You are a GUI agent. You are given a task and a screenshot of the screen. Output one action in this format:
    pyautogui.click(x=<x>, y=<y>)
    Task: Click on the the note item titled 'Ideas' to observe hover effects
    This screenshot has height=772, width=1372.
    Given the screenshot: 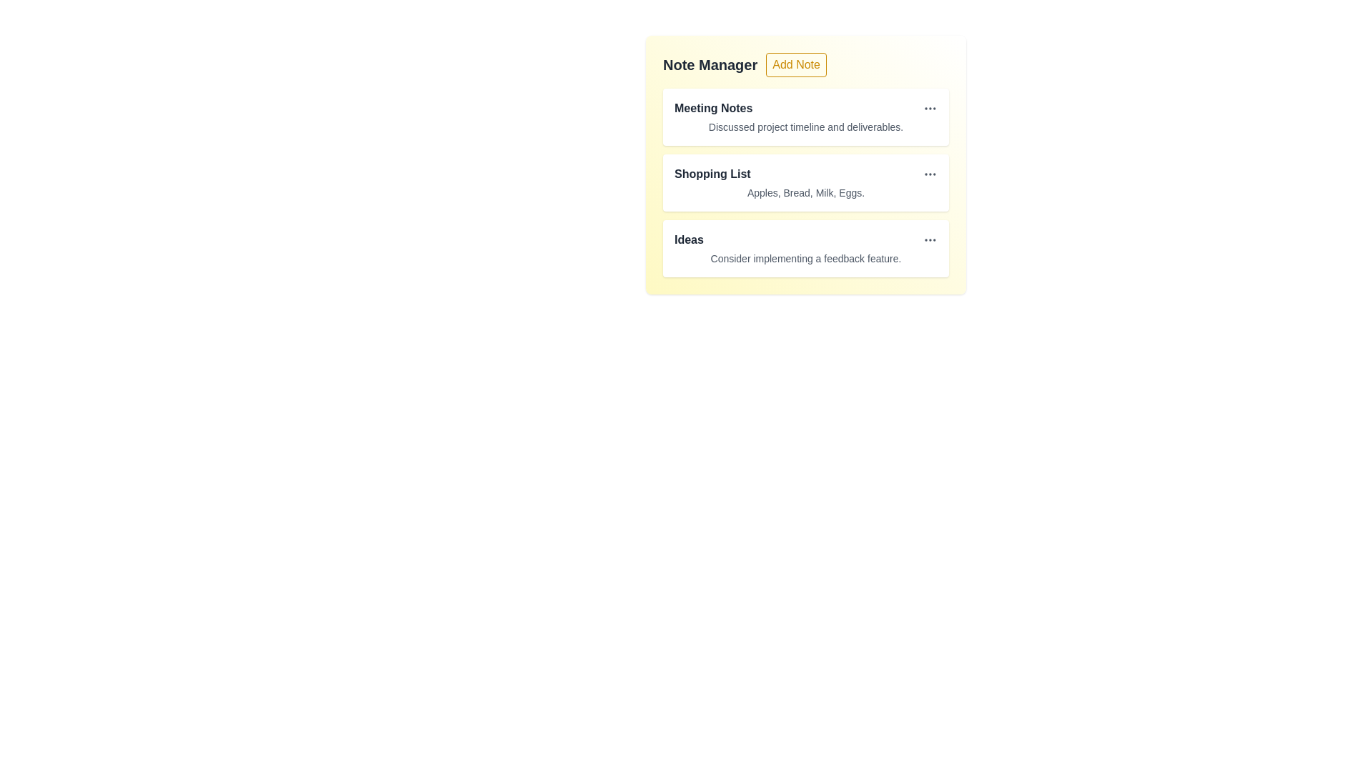 What is the action you would take?
    pyautogui.click(x=806, y=247)
    